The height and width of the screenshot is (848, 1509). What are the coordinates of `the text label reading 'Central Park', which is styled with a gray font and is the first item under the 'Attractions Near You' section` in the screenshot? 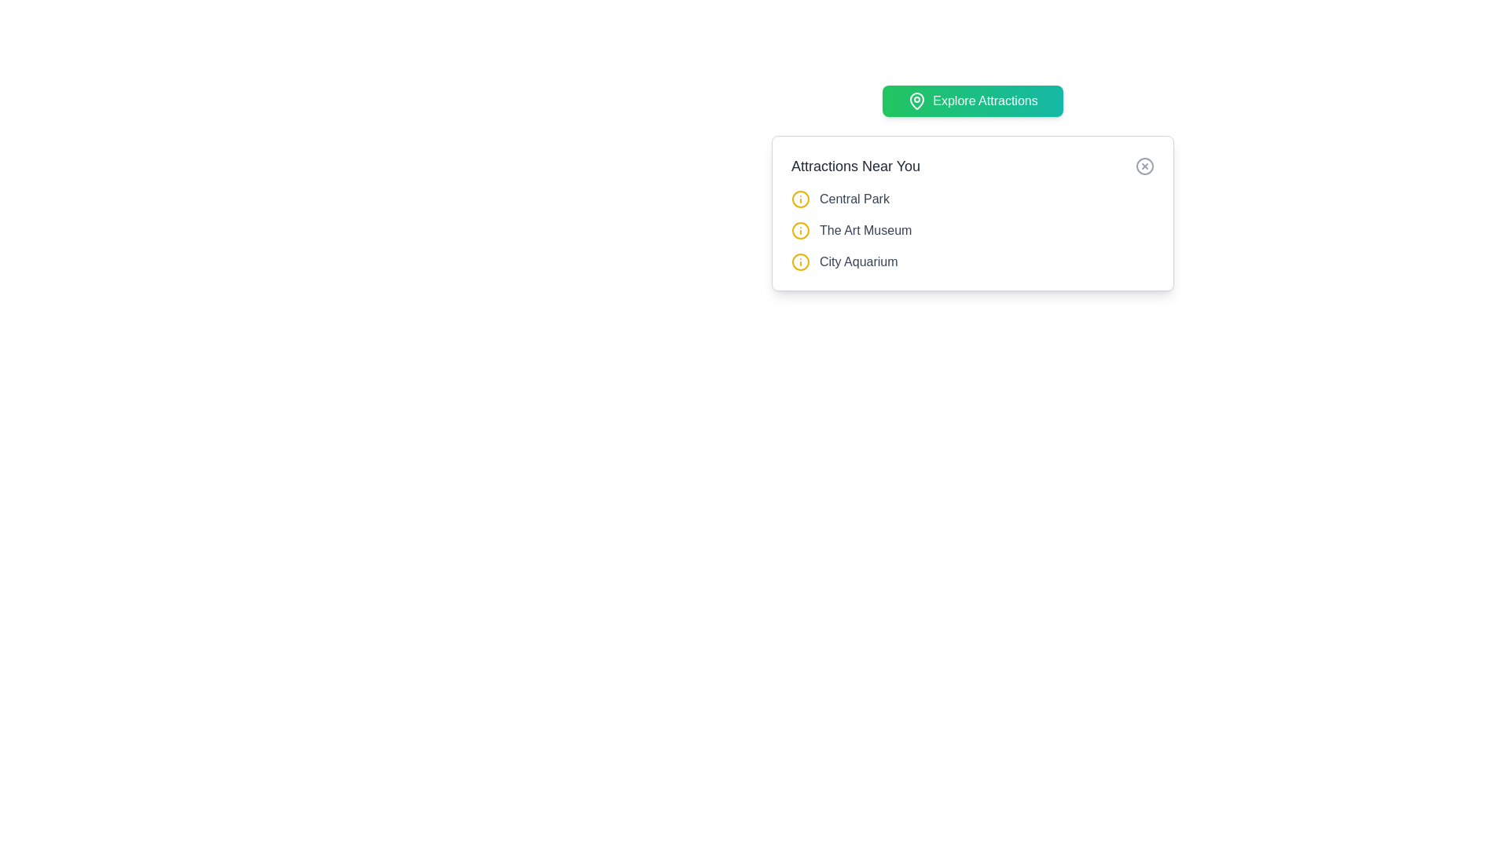 It's located at (854, 199).